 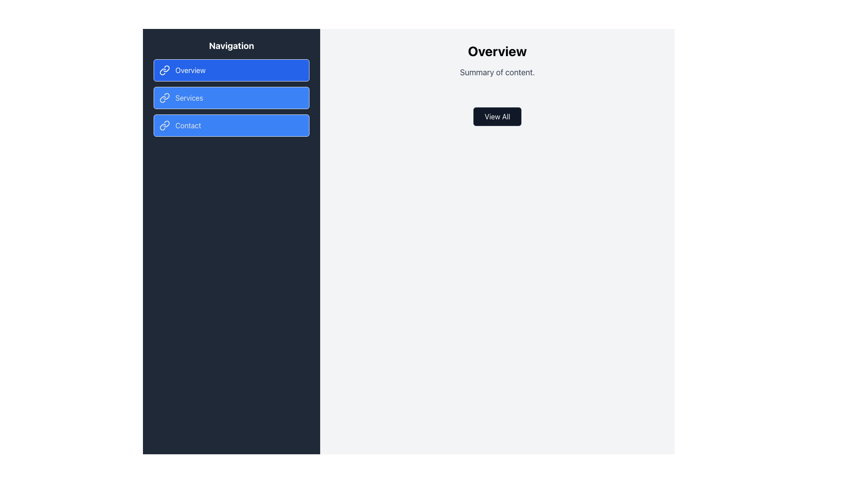 I want to click on the 'Services' navigation button which contains the link icon depicted as two rounded rectangles connected by diagonal lines, so click(x=164, y=98).